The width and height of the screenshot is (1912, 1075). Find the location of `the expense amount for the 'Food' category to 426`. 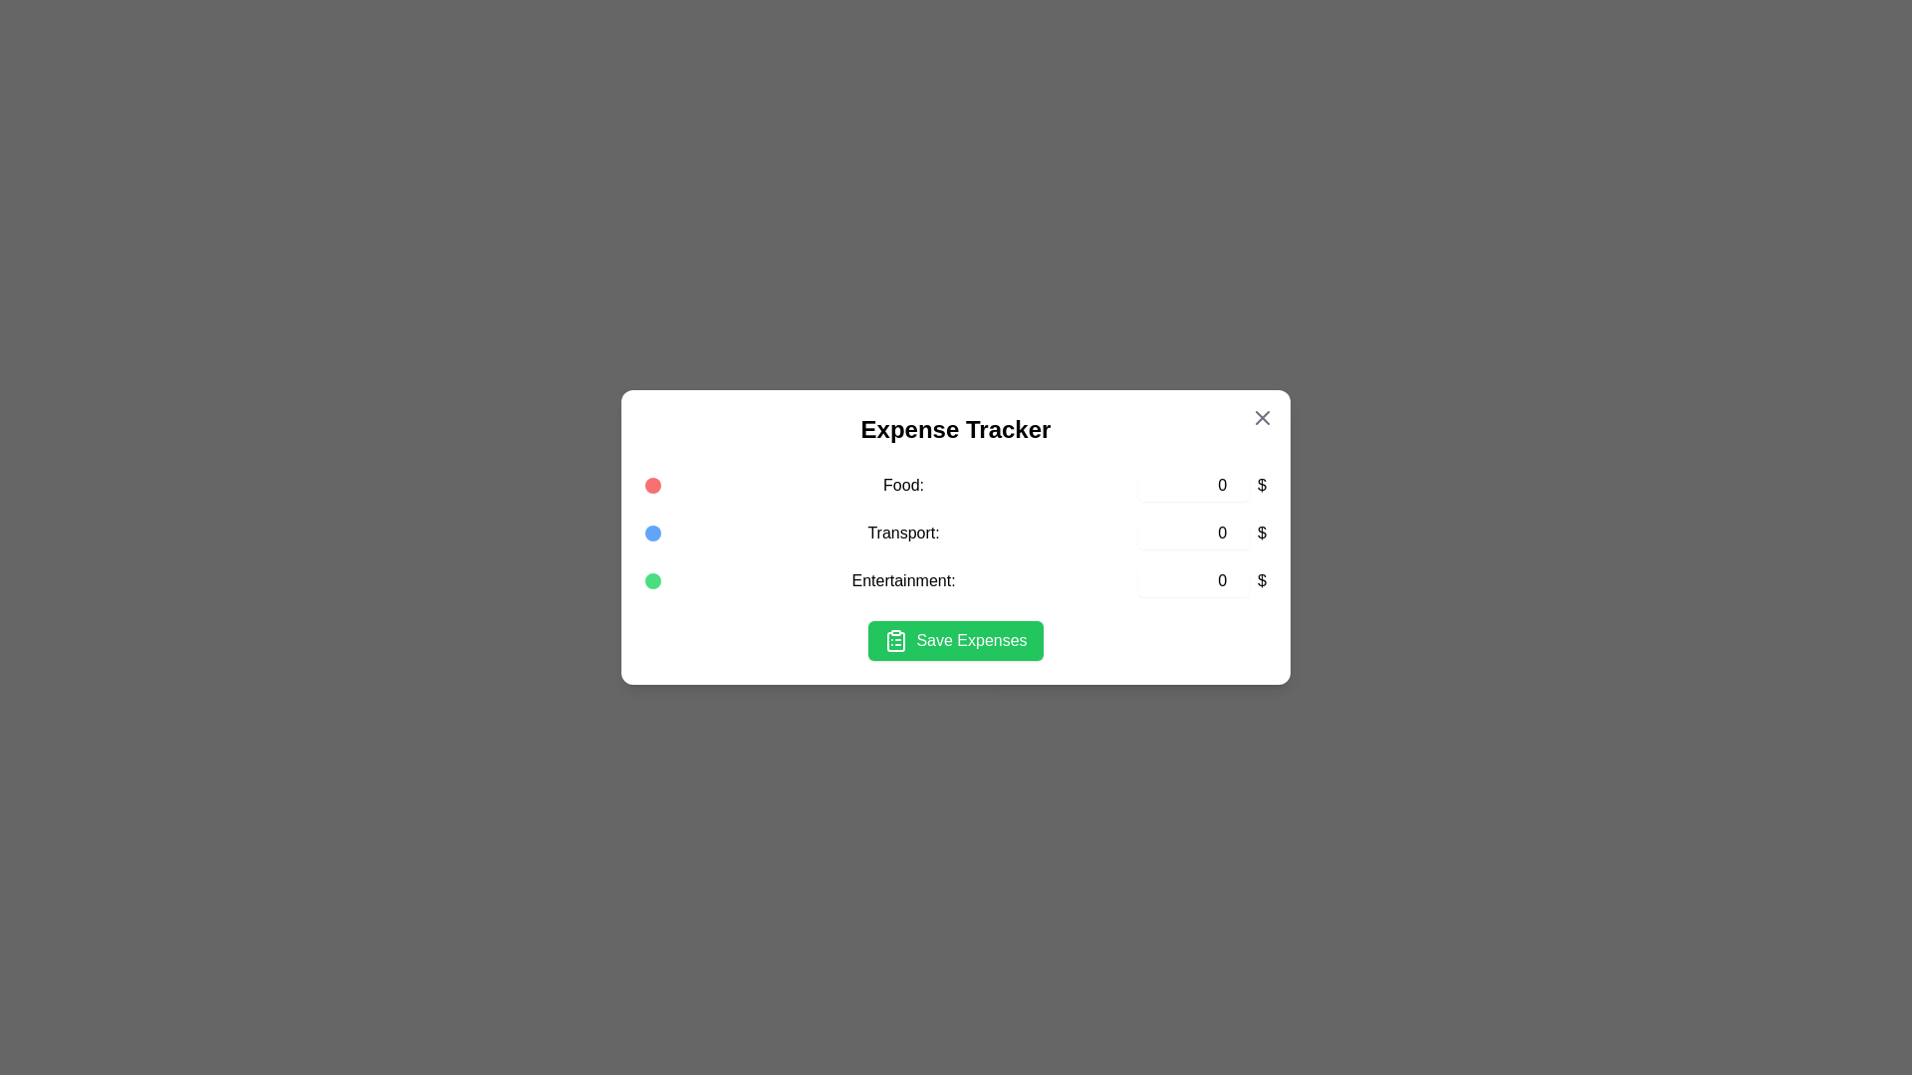

the expense amount for the 'Food' category to 426 is located at coordinates (1194, 486).